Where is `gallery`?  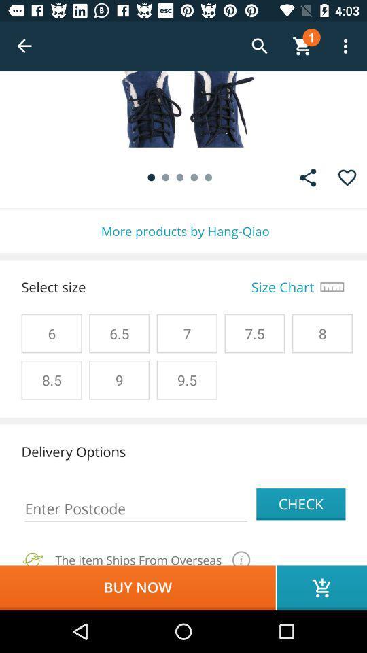 gallery is located at coordinates (308, 177).